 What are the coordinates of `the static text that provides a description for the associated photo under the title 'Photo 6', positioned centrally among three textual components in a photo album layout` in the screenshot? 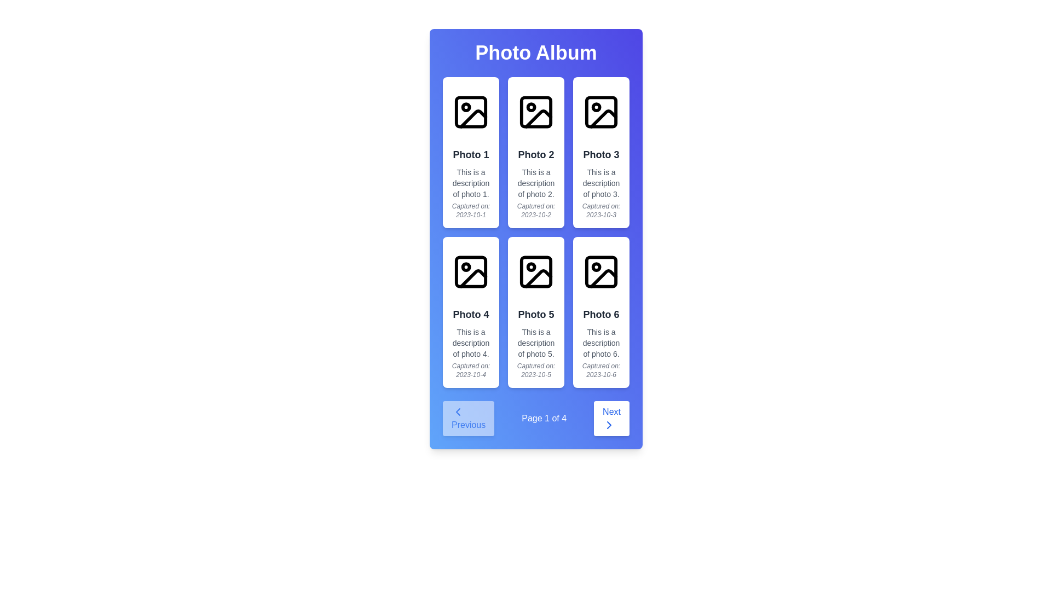 It's located at (600, 343).